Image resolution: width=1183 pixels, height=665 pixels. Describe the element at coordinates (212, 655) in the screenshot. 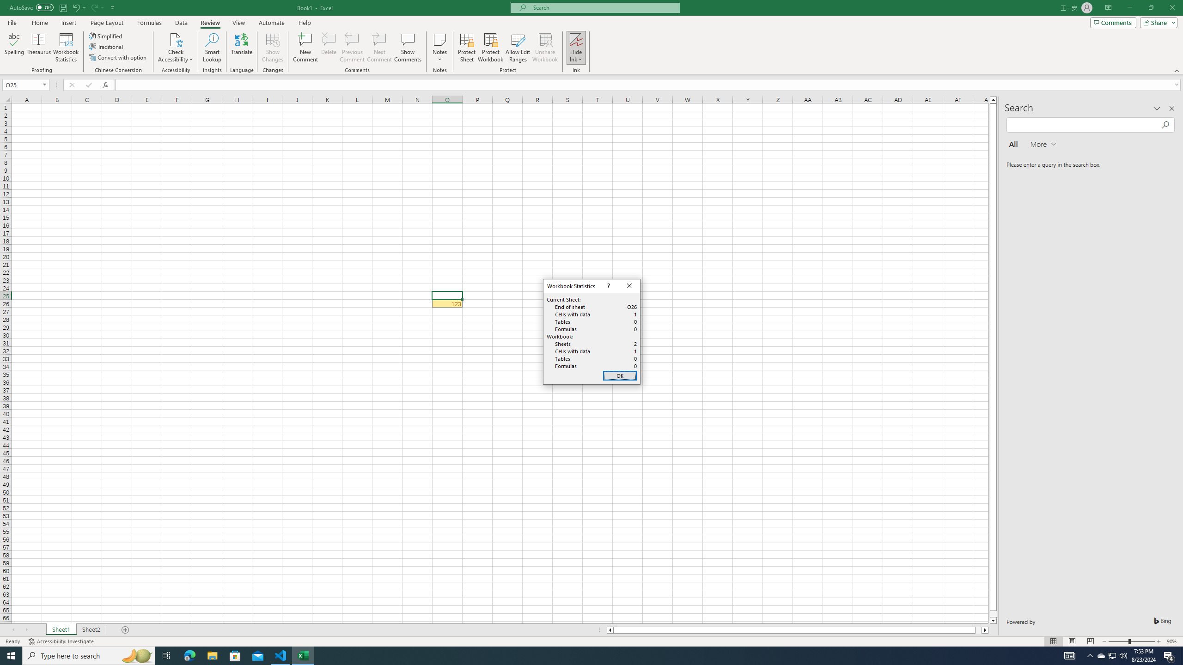

I see `'File Explorer'` at that location.